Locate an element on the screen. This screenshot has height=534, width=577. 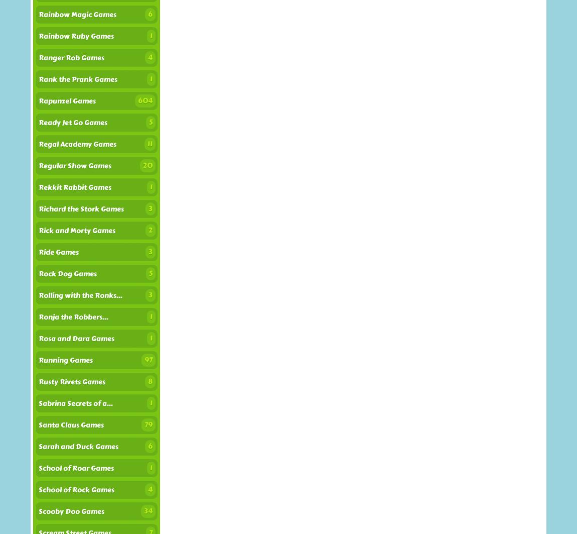
'School of Roar Games' is located at coordinates (76, 468).